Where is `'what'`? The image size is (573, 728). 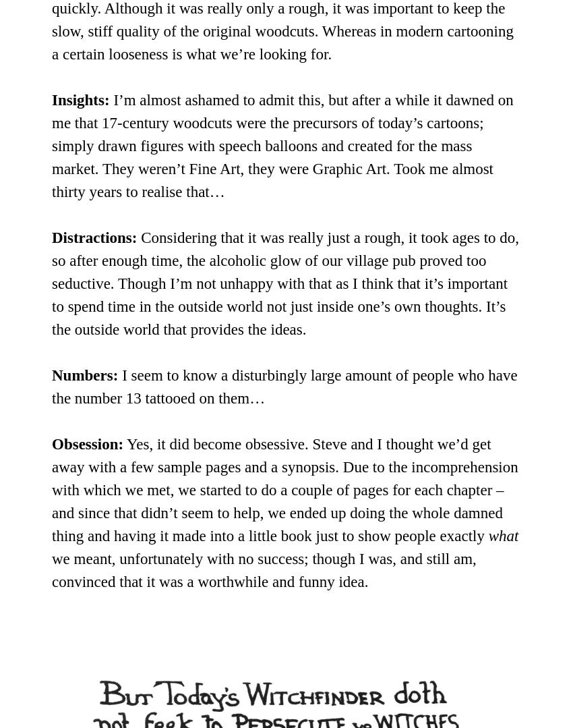
'what' is located at coordinates (503, 535).